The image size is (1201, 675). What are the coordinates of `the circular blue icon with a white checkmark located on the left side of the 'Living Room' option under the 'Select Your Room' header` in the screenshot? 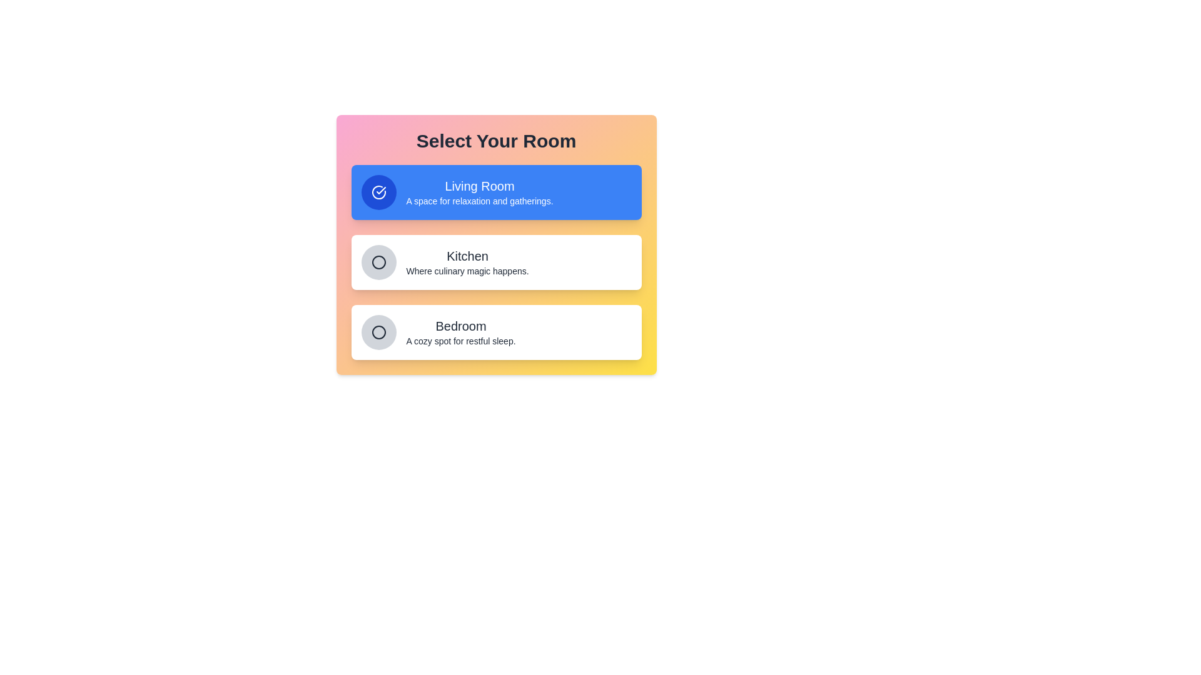 It's located at (378, 192).